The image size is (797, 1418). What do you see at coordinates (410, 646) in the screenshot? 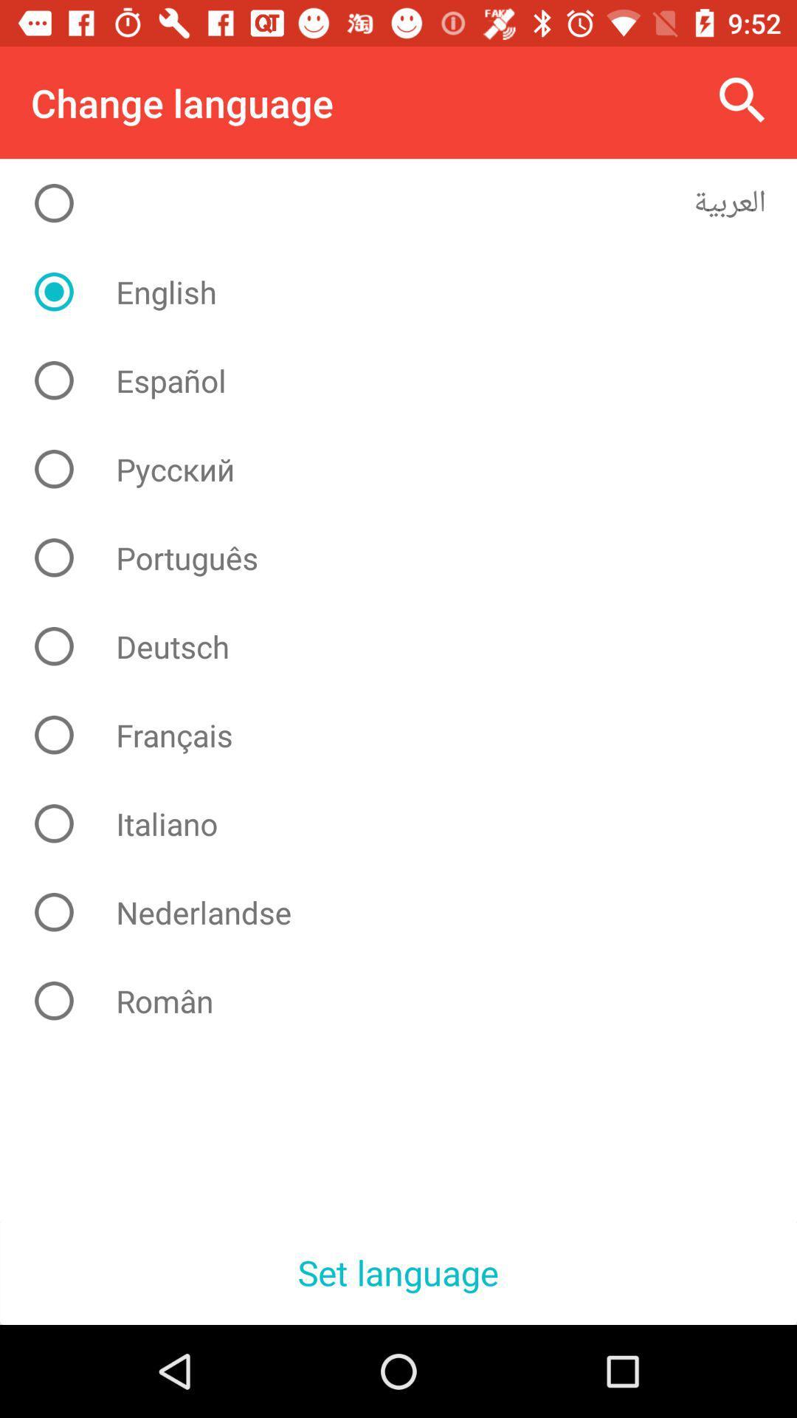
I see `deutsch icon` at bounding box center [410, 646].